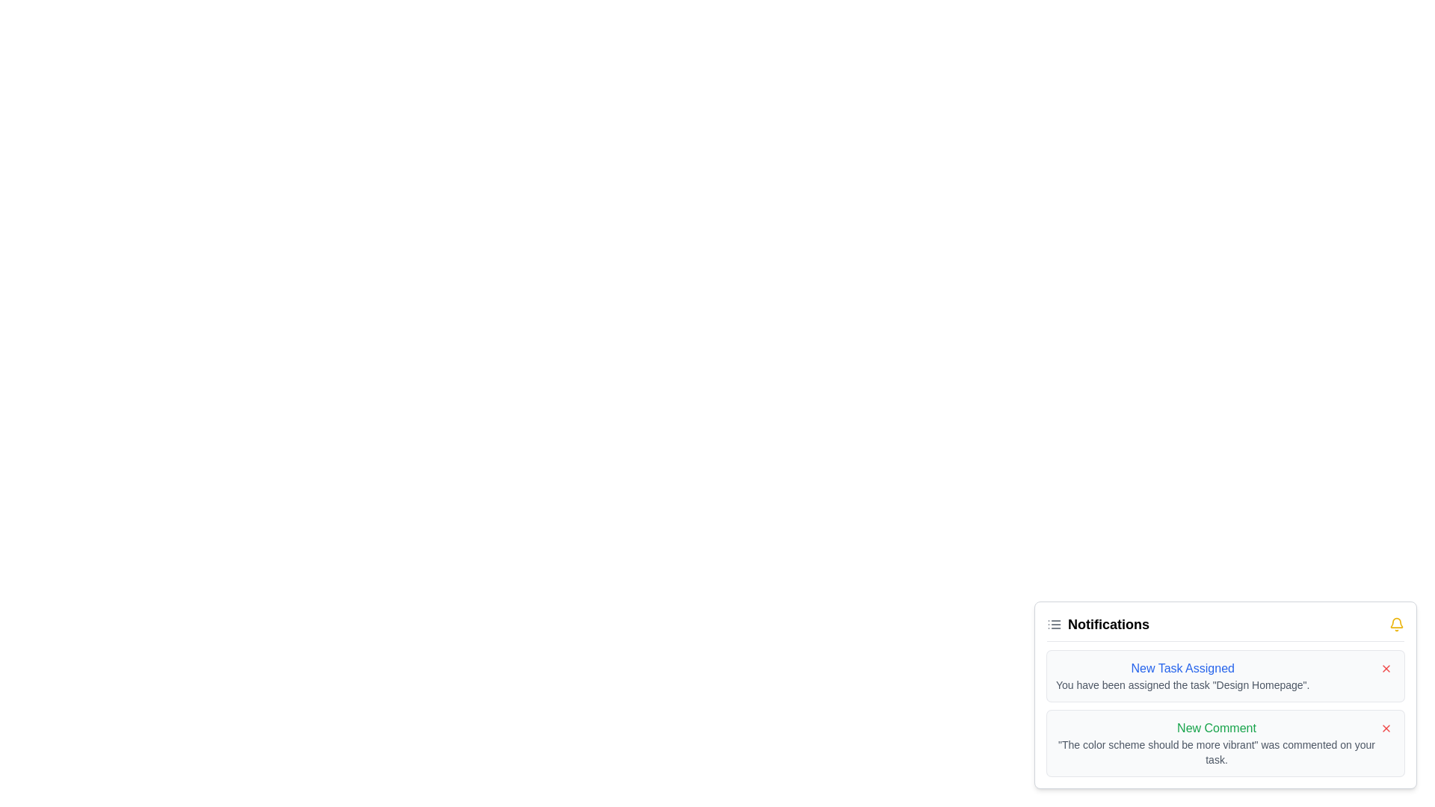  What do you see at coordinates (1385, 667) in the screenshot?
I see `the small red 'X' icon button located at the bottom-right of the notification box next to the 'New Task Assigned' message` at bounding box center [1385, 667].